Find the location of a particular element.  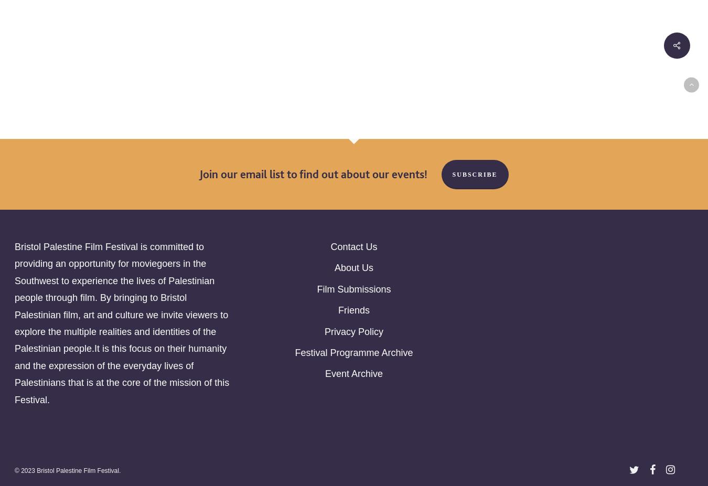

'Friends' is located at coordinates (337, 310).